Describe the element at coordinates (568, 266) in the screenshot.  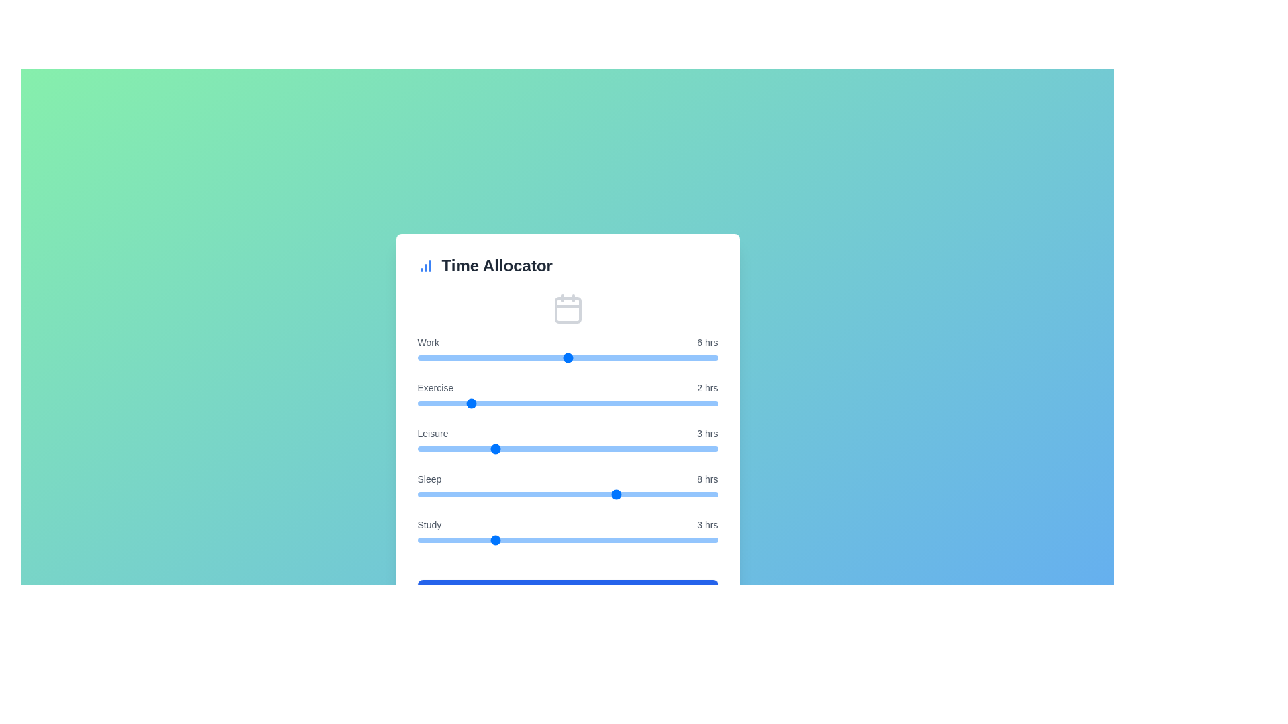
I see `the 'Time Allocator' title to interact with it` at that location.